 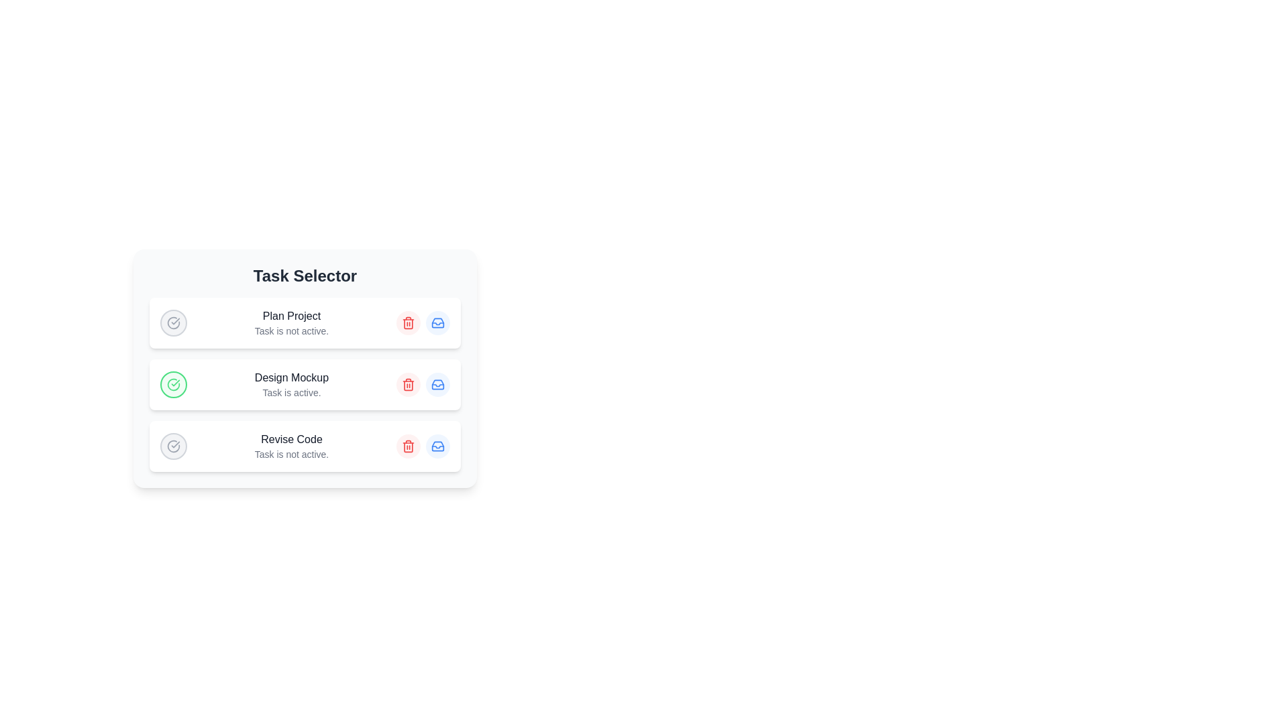 I want to click on the action button related to the 'Revise Code' task, which is the last button in a row of three, positioned to the far-right next to the trash icon, so click(x=437, y=446).